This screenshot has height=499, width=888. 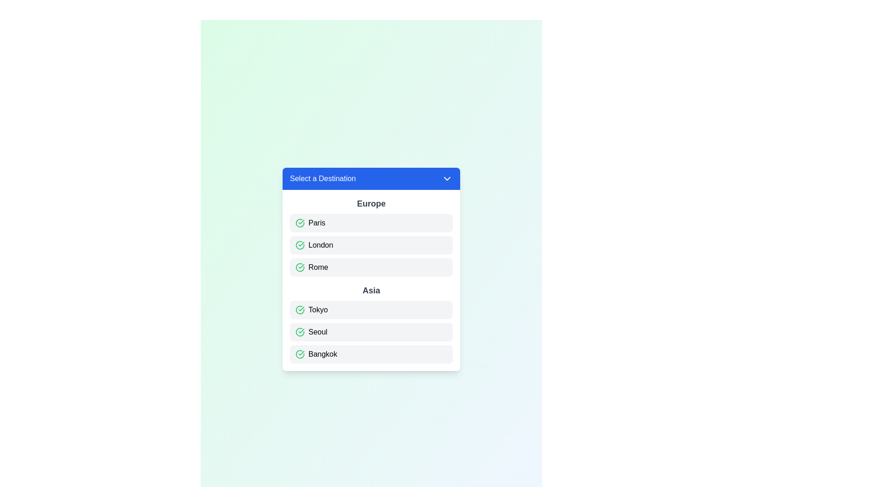 I want to click on header text indicating the purpose of the dropdown menu, which is located in the blue header section at the top of the dropdown interface, so click(x=323, y=178).